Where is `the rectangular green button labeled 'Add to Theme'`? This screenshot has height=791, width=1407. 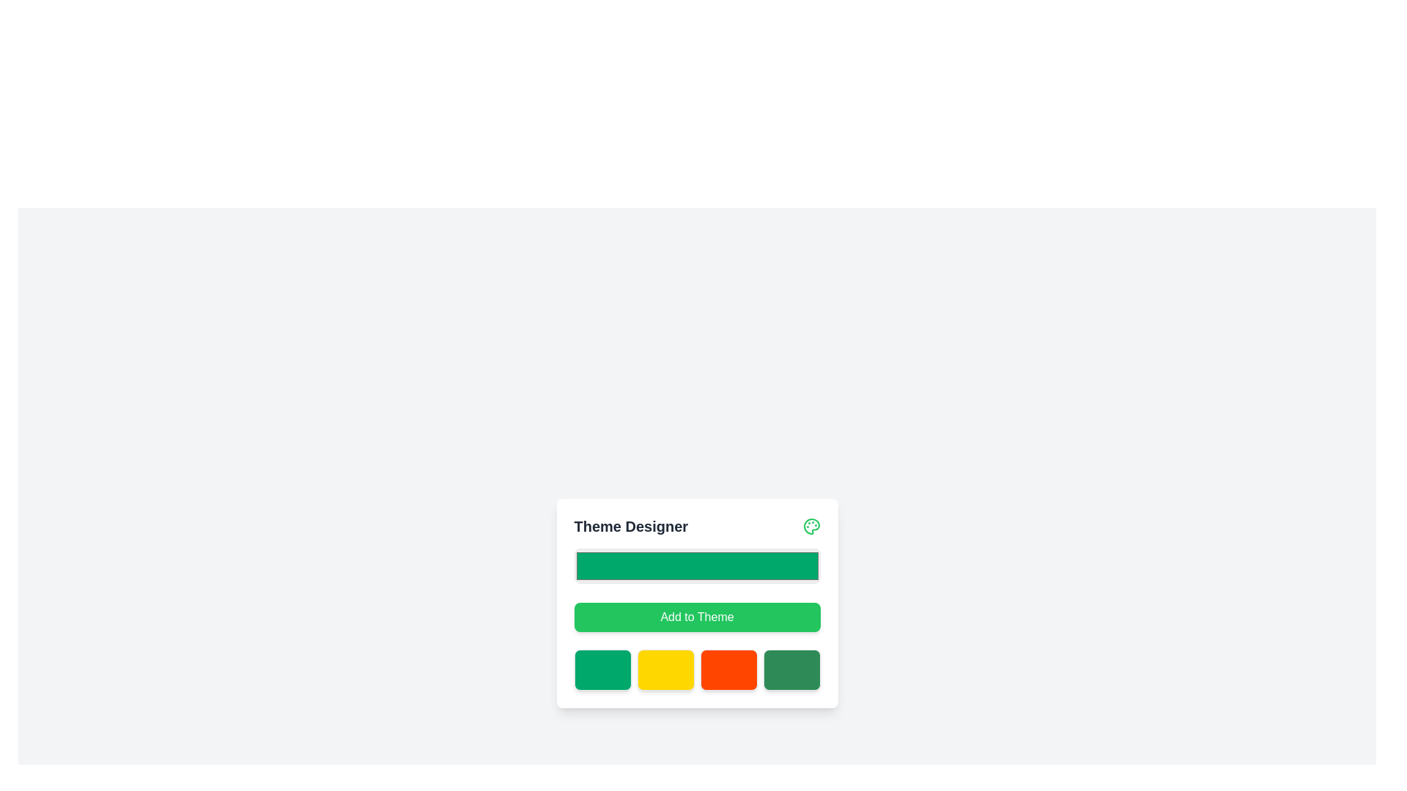
the rectangular green button labeled 'Add to Theme' is located at coordinates (696, 604).